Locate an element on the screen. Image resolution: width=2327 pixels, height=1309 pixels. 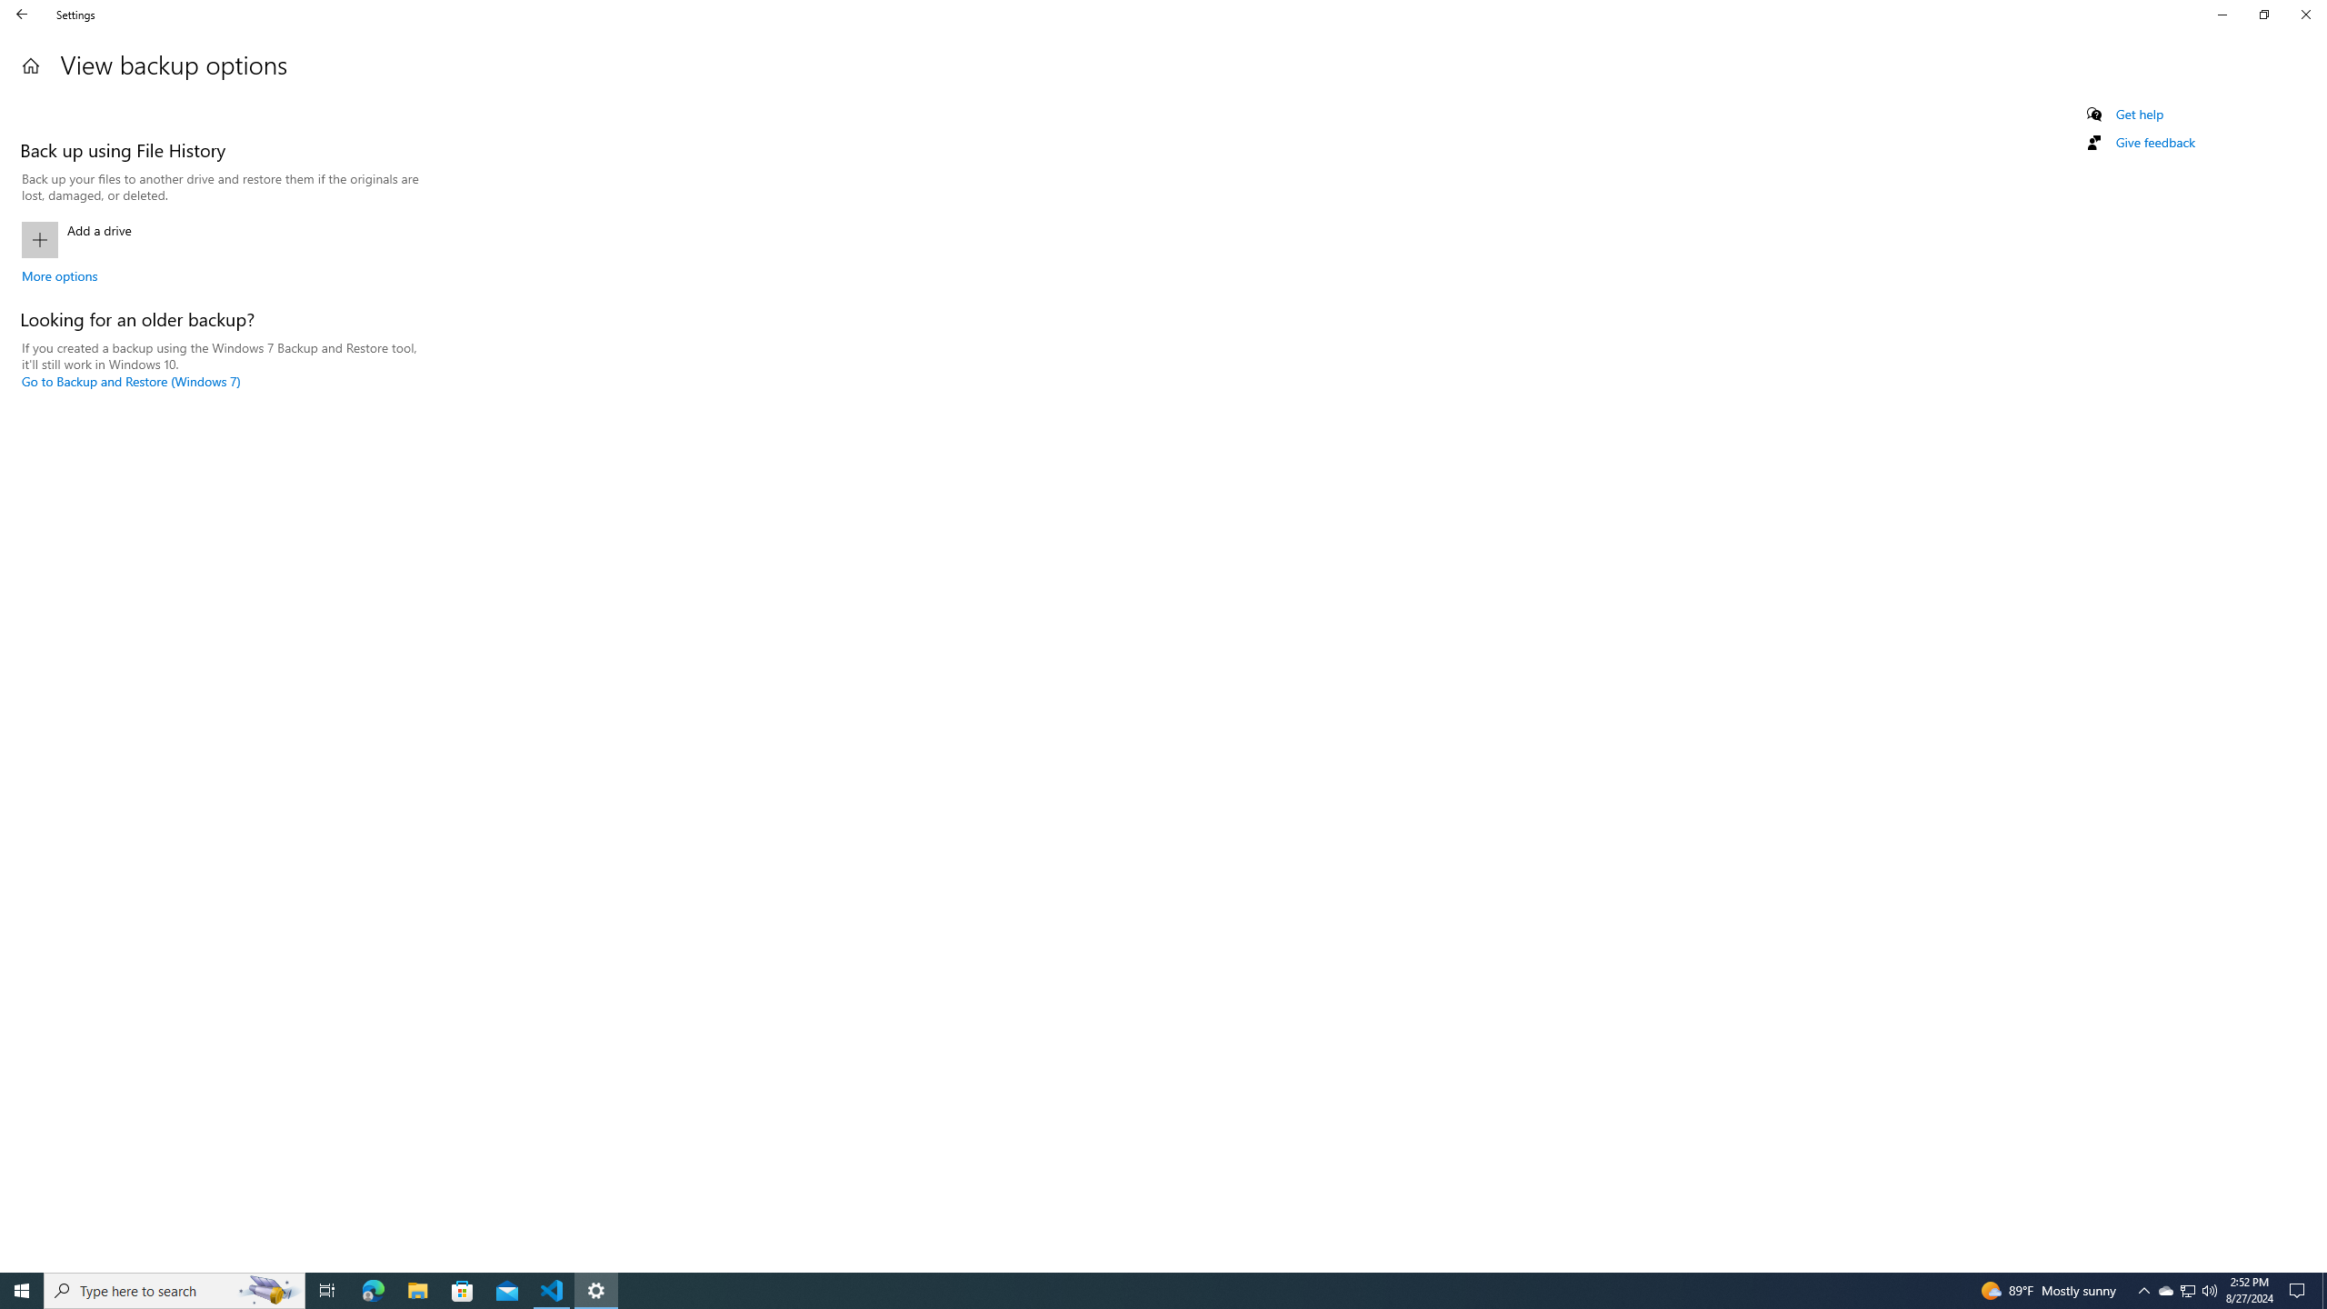
'More options' is located at coordinates (59, 275).